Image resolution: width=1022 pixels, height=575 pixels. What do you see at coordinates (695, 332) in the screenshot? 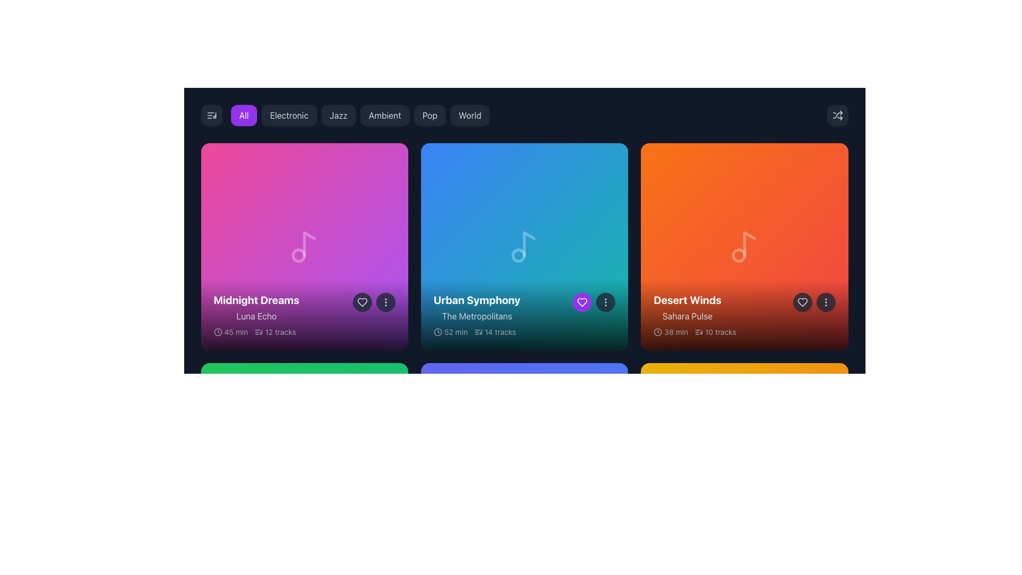
I see `information displayed in the text element that shows '38 min 10 tracks' with associated icons, located in the bottom section of the 'Desert Winds' music card` at bounding box center [695, 332].